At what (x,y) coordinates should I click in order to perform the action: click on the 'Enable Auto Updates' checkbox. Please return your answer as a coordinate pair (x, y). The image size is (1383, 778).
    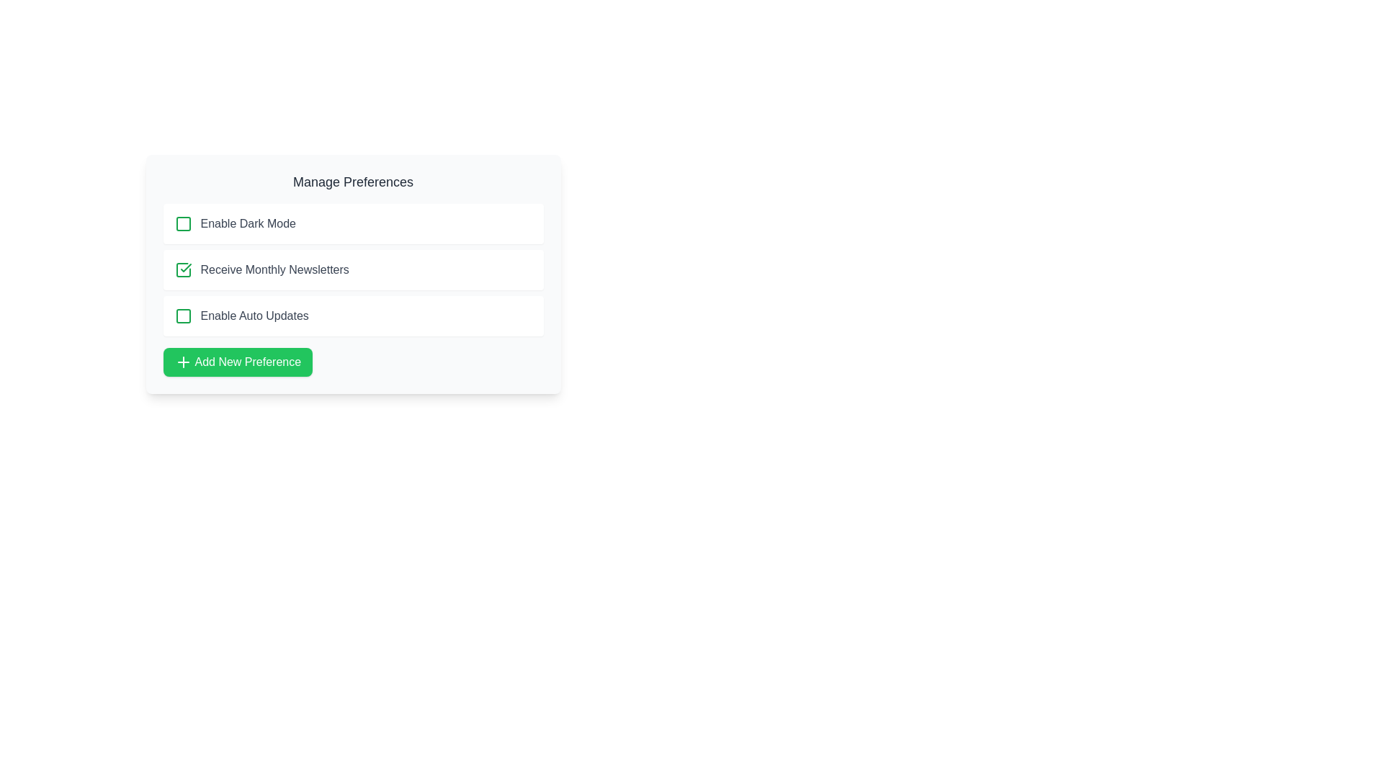
    Looking at the image, I should click on (353, 316).